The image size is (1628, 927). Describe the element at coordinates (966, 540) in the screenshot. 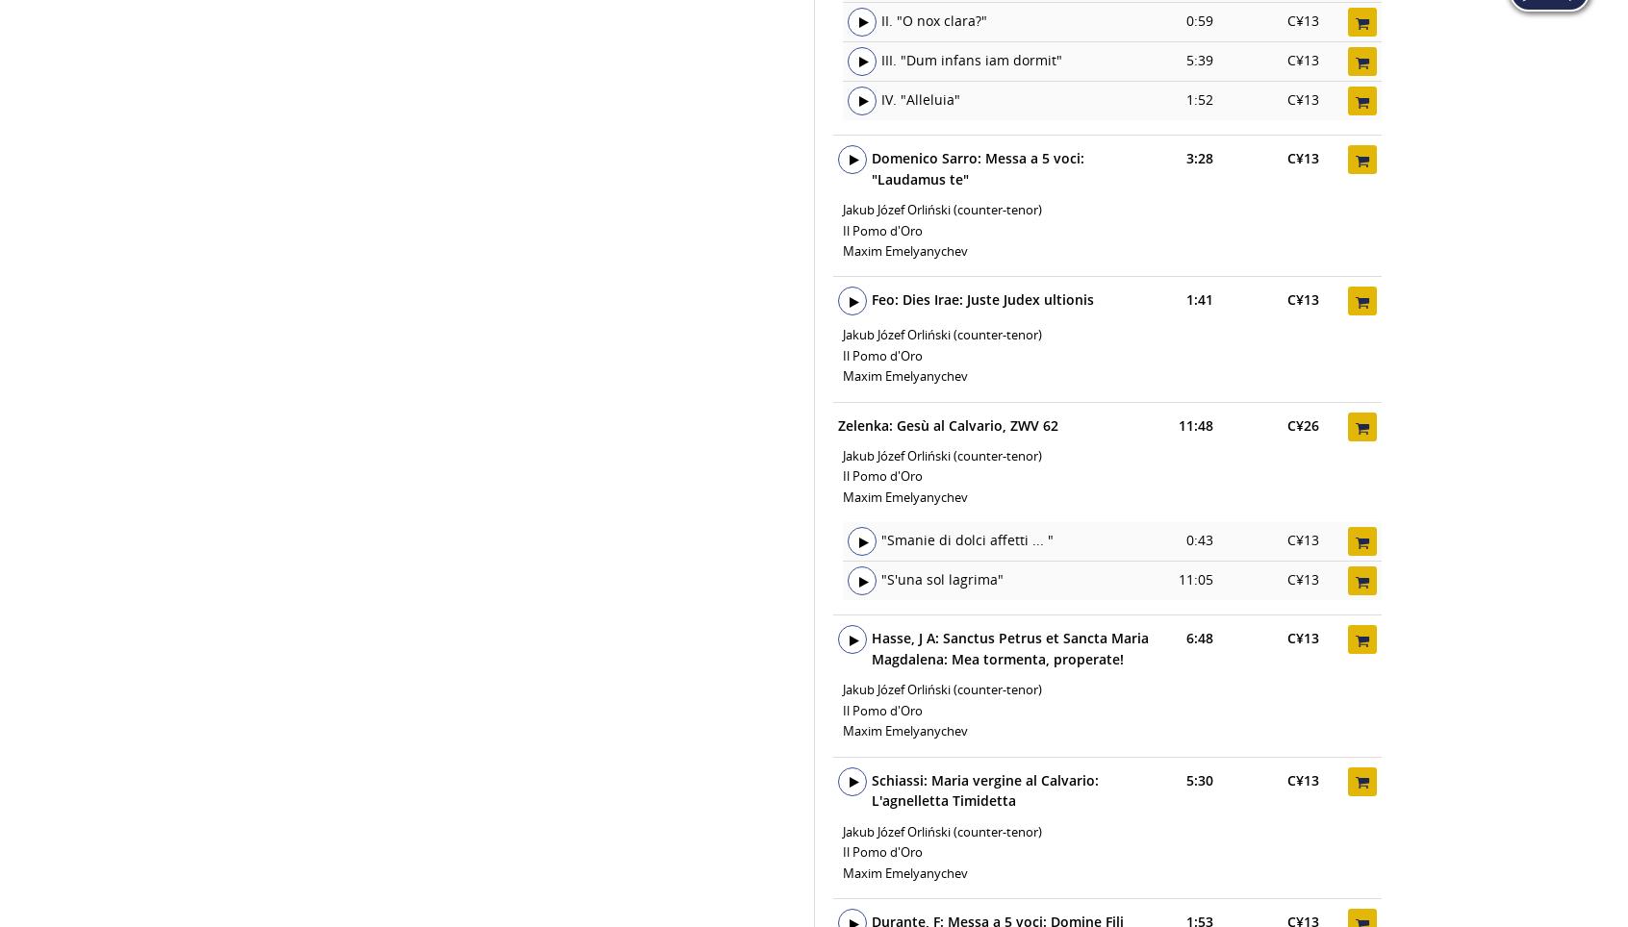

I see `'"Smanie di dolci affetti ... "'` at that location.